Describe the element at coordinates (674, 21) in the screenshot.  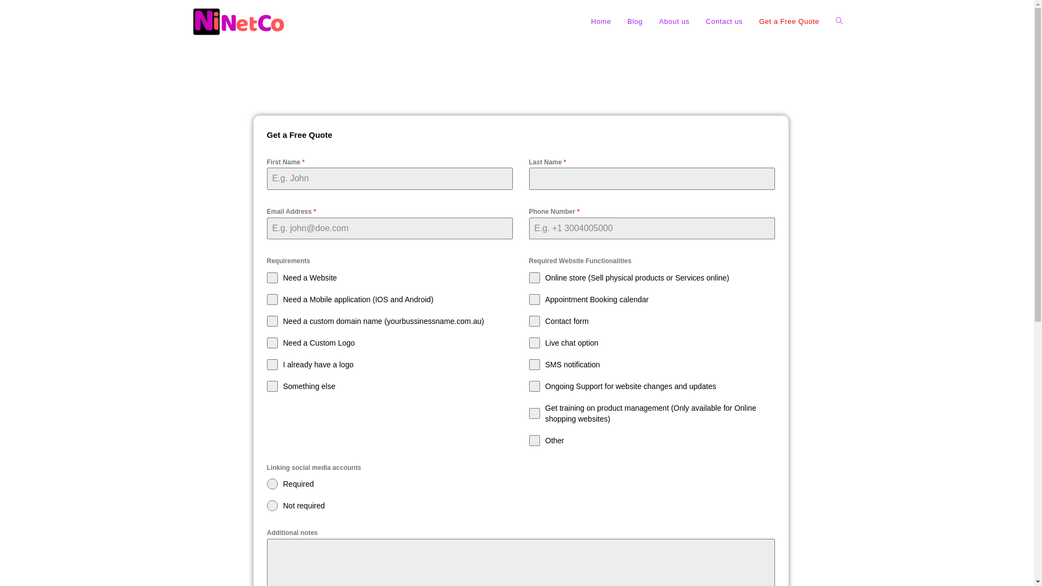
I see `'About us'` at that location.